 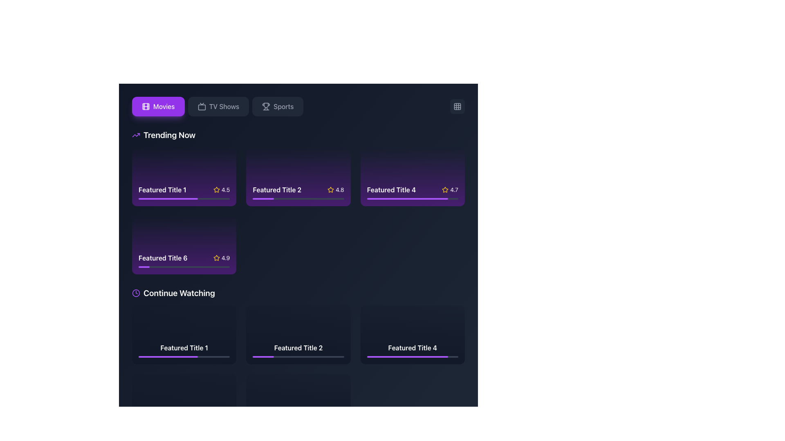 I want to click on the 'Sports' button, a rectangular button with rounded corners, dark gray background, and light gray text, positioned as the third button in a horizontal row in the navigation bar, so click(x=278, y=106).